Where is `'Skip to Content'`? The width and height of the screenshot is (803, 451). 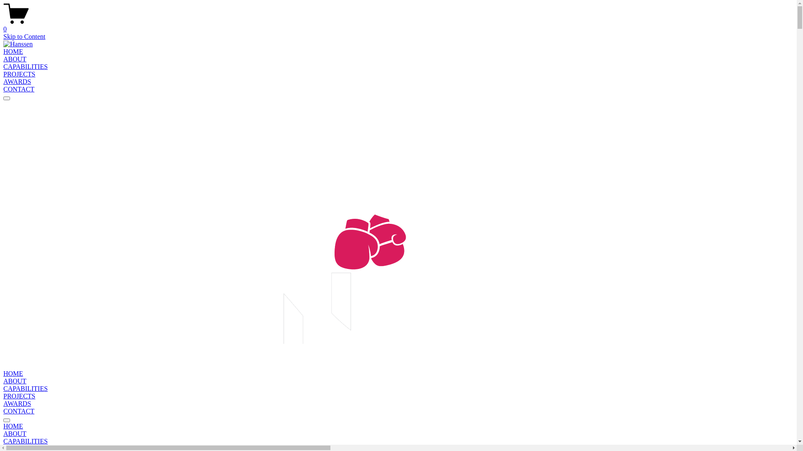 'Skip to Content' is located at coordinates (24, 36).